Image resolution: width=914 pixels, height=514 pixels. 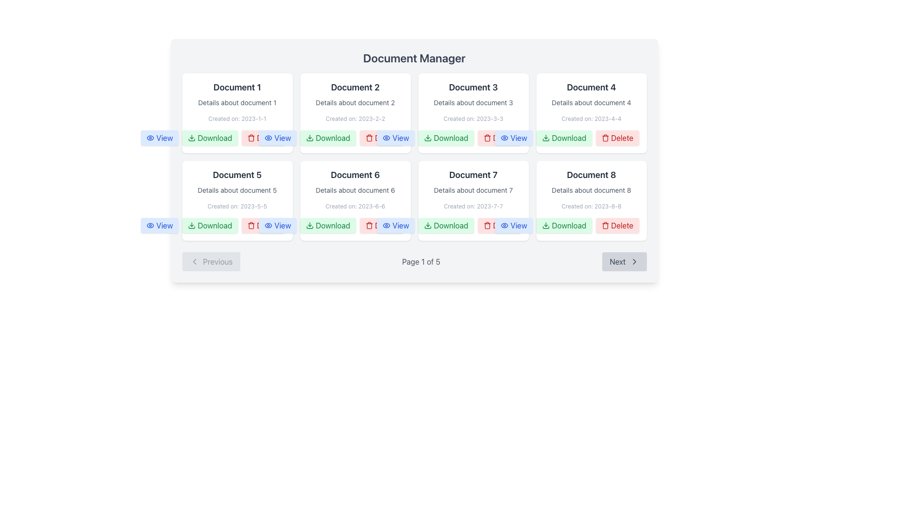 I want to click on the delete button represented by the trash can icon, which is styled with a red fill color and is part of the third button group in the Document Manager interface, so click(x=605, y=138).